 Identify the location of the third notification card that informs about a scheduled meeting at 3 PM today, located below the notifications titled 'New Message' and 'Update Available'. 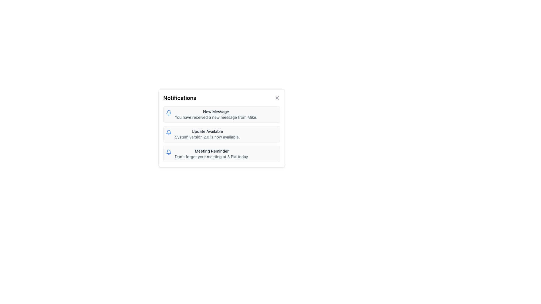
(221, 154).